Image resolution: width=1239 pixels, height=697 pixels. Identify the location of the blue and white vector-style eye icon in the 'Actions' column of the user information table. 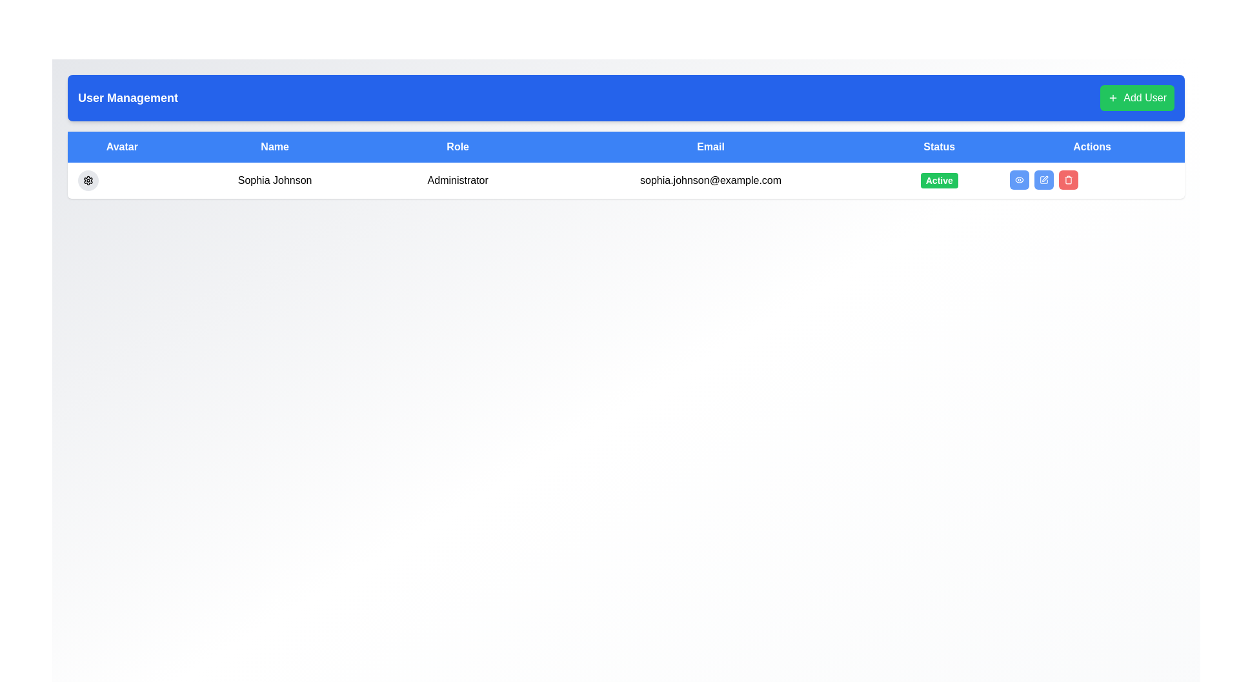
(1019, 179).